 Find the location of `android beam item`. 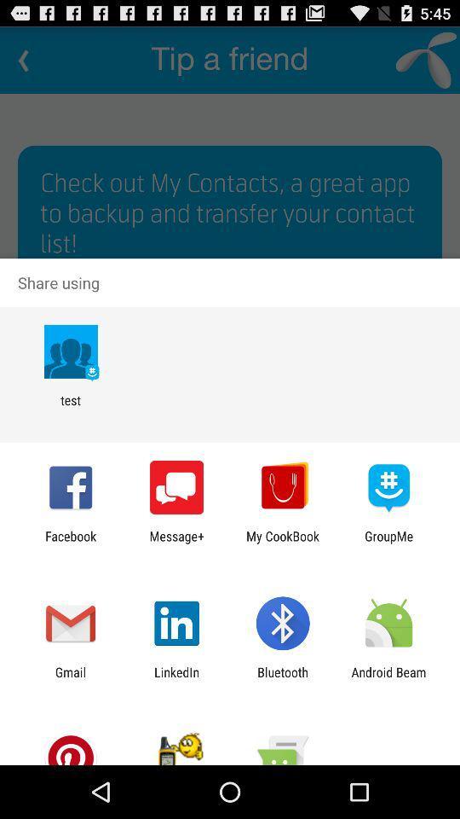

android beam item is located at coordinates (388, 679).